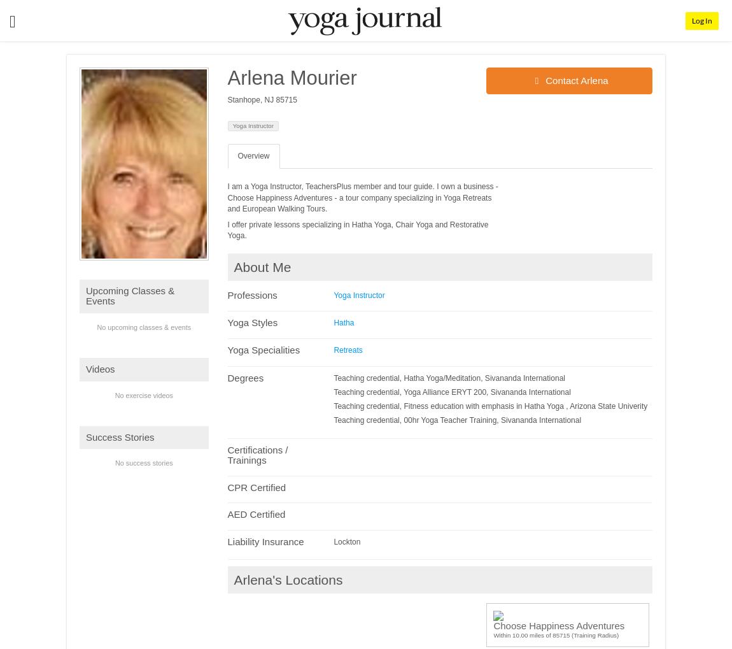 This screenshot has height=649, width=732. What do you see at coordinates (292, 77) in the screenshot?
I see `'Arlena Mourier'` at bounding box center [292, 77].